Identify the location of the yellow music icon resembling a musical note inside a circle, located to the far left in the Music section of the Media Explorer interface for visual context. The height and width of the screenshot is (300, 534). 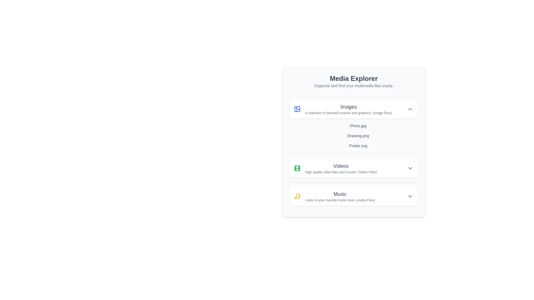
(297, 196).